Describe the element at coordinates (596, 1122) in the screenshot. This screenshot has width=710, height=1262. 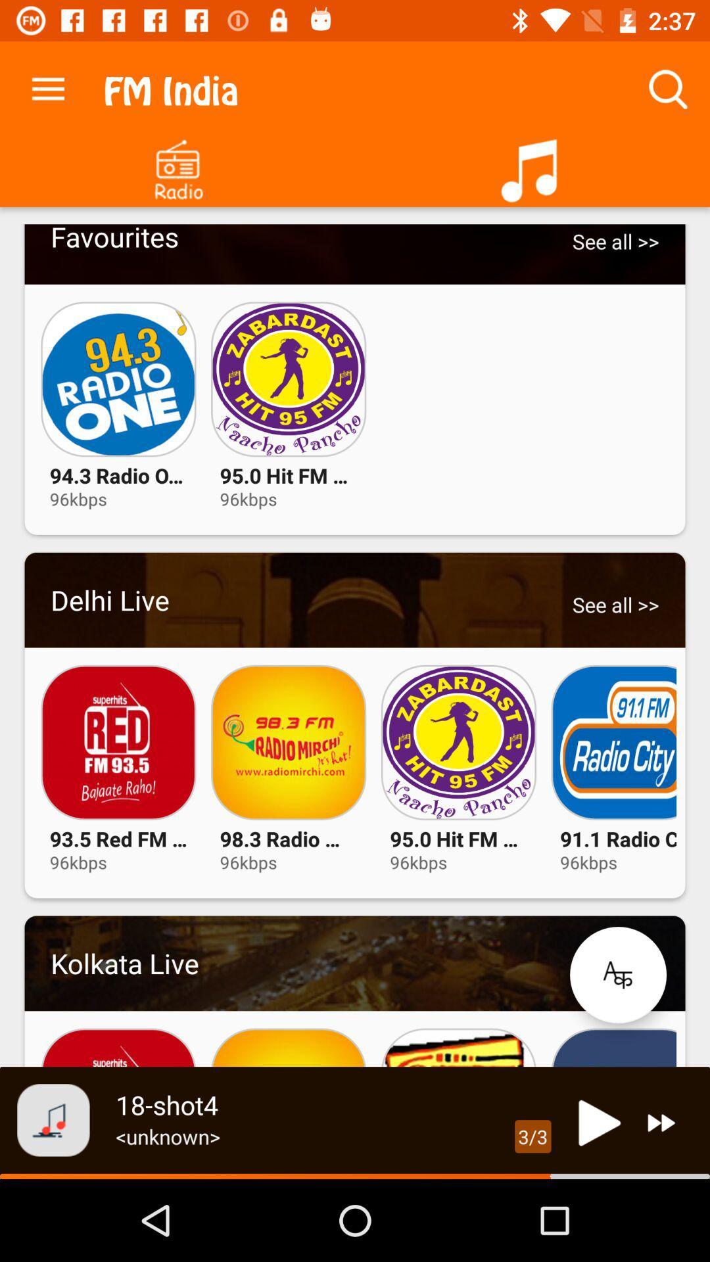
I see `button` at that location.